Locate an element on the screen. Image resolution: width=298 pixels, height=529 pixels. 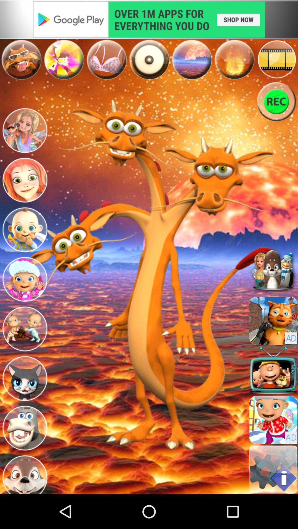
advertisement is located at coordinates (273, 320).